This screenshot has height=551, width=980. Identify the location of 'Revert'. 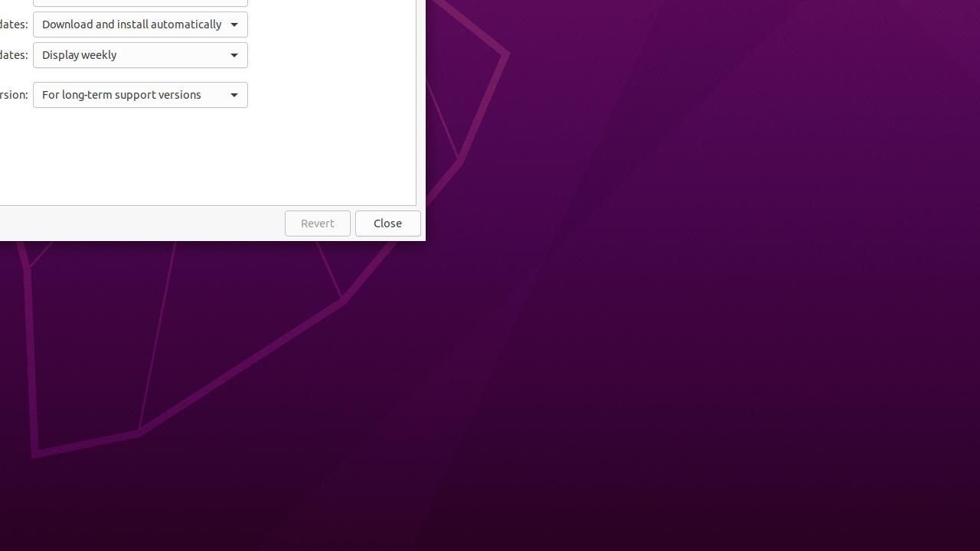
(316, 223).